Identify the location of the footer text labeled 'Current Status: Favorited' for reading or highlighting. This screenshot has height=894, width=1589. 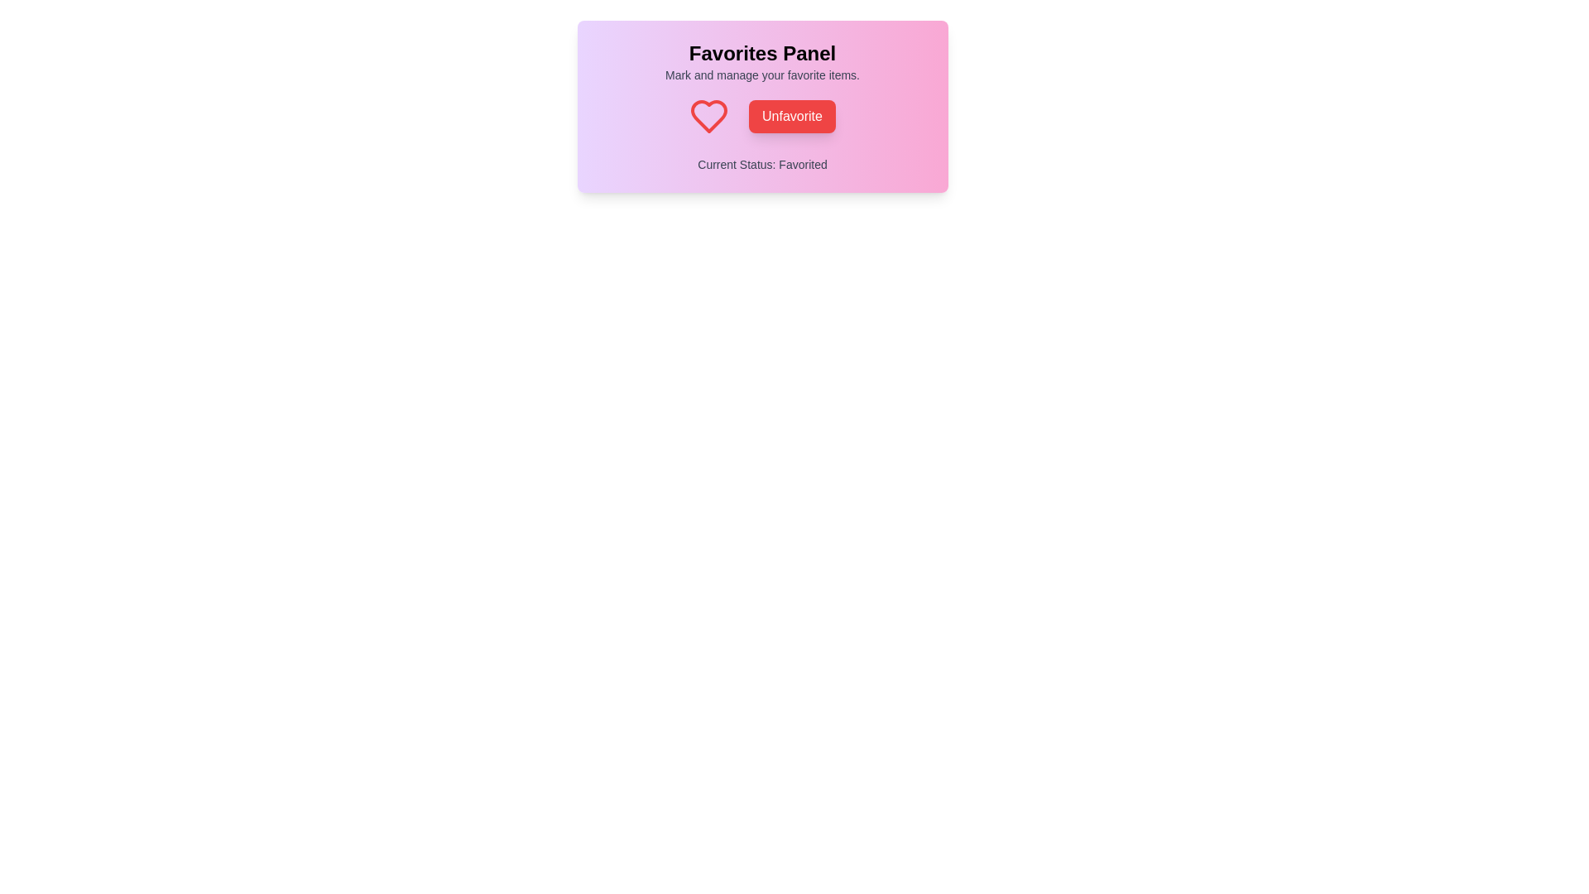
(761, 165).